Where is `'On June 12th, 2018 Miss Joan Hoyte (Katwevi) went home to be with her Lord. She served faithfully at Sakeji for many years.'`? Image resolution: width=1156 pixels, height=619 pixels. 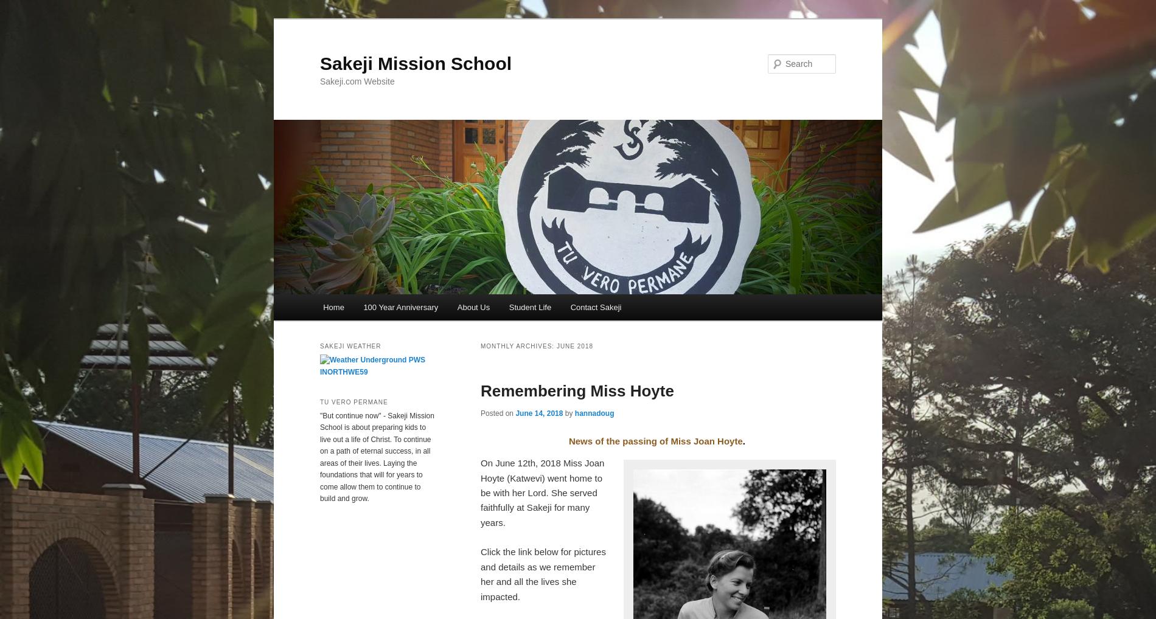
'On June 12th, 2018 Miss Joan Hoyte (Katwevi) went home to be with her Lord. She served faithfully at Sakeji for many years.' is located at coordinates (480, 493).